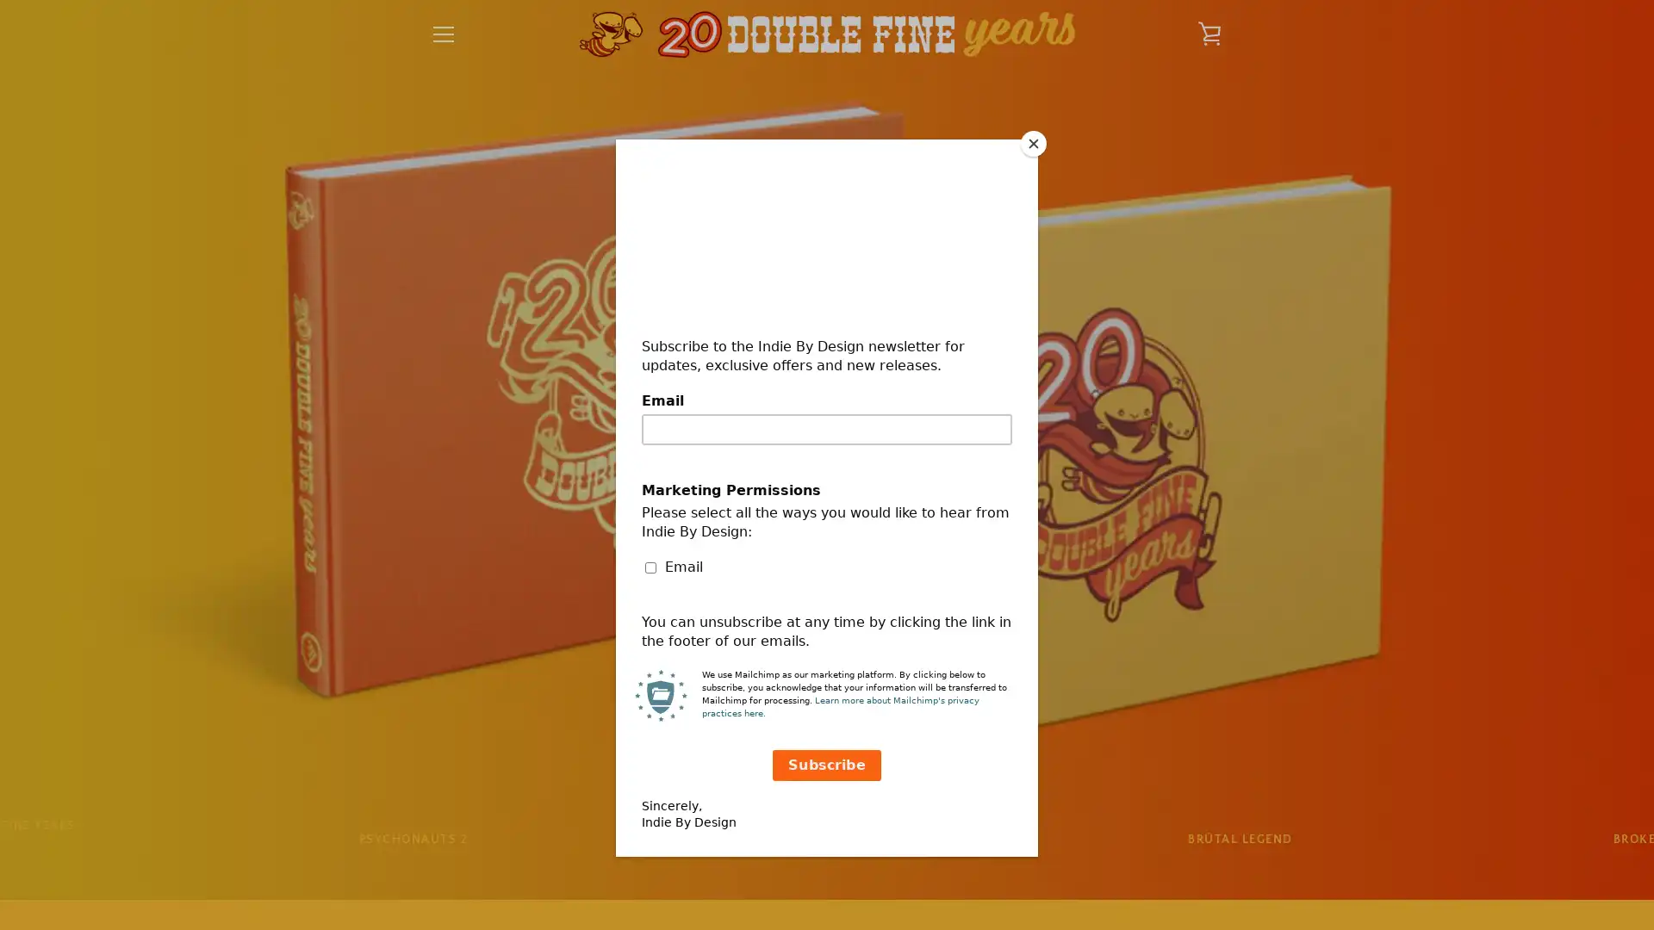  What do you see at coordinates (412, 839) in the screenshot?
I see `SLIDE 2 PSYCHONAUTS 2` at bounding box center [412, 839].